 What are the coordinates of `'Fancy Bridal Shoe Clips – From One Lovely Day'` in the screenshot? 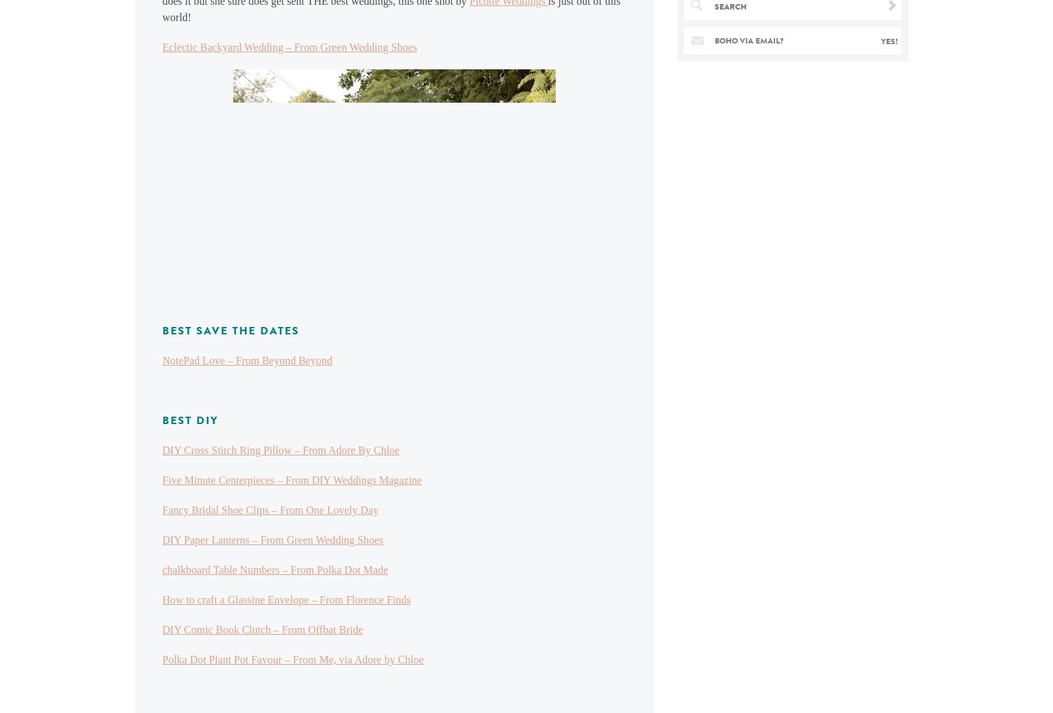 It's located at (162, 509).